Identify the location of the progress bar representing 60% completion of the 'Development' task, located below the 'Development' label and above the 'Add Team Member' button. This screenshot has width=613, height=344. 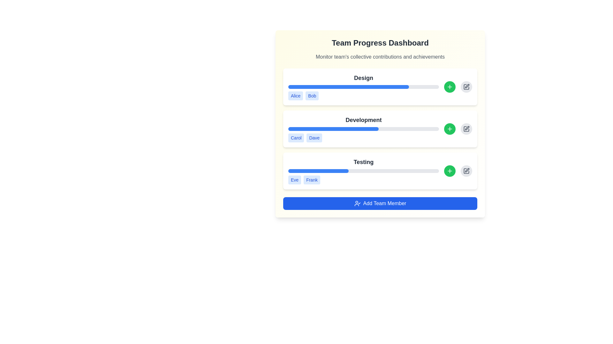
(333, 129).